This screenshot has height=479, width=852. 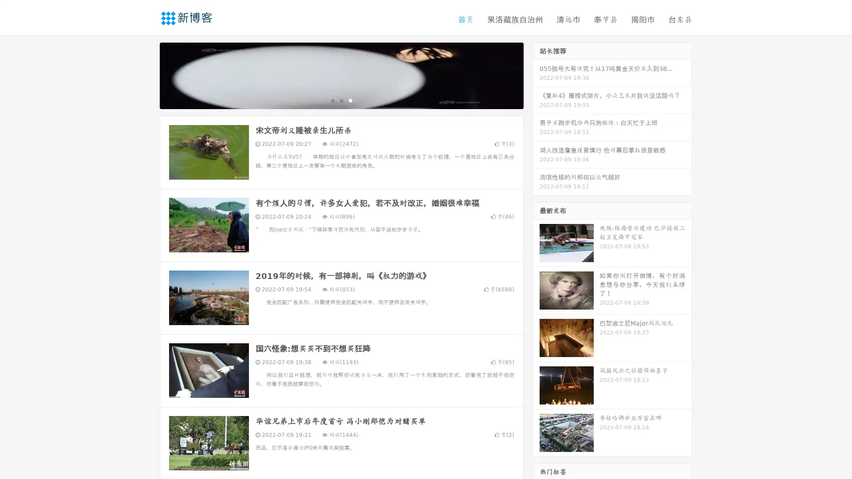 I want to click on Previous slide, so click(x=146, y=75).